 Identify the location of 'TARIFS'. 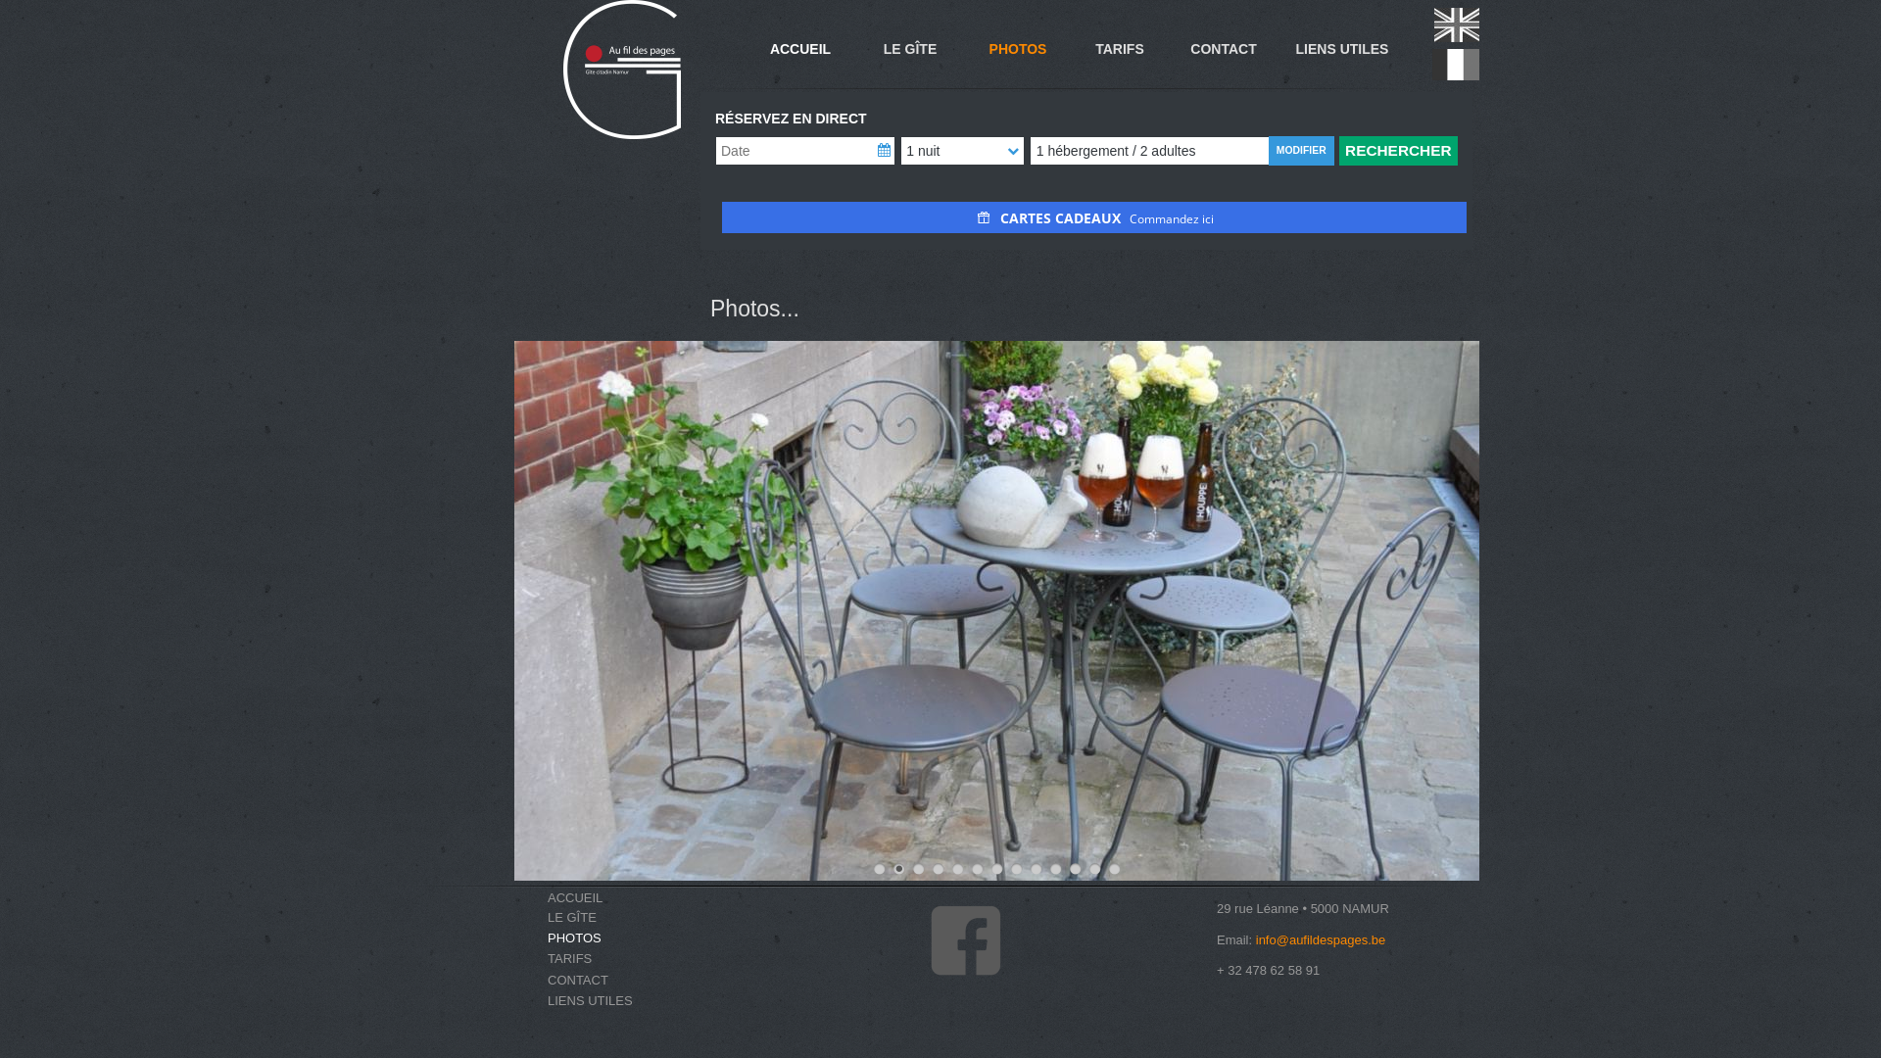
(610, 957).